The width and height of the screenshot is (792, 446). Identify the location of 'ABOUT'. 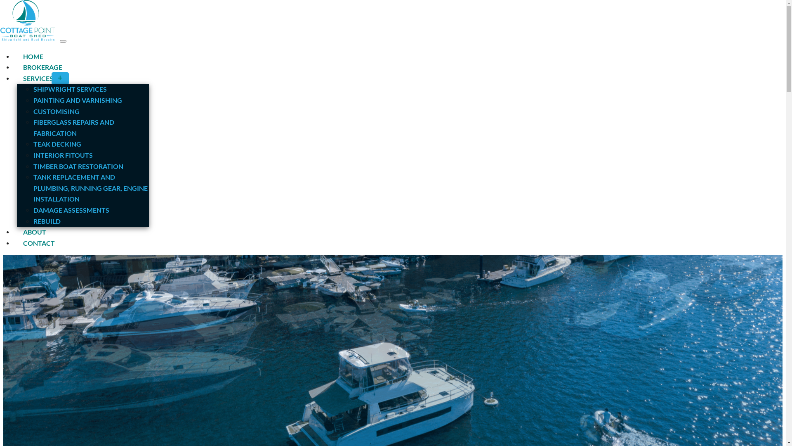
(17, 232).